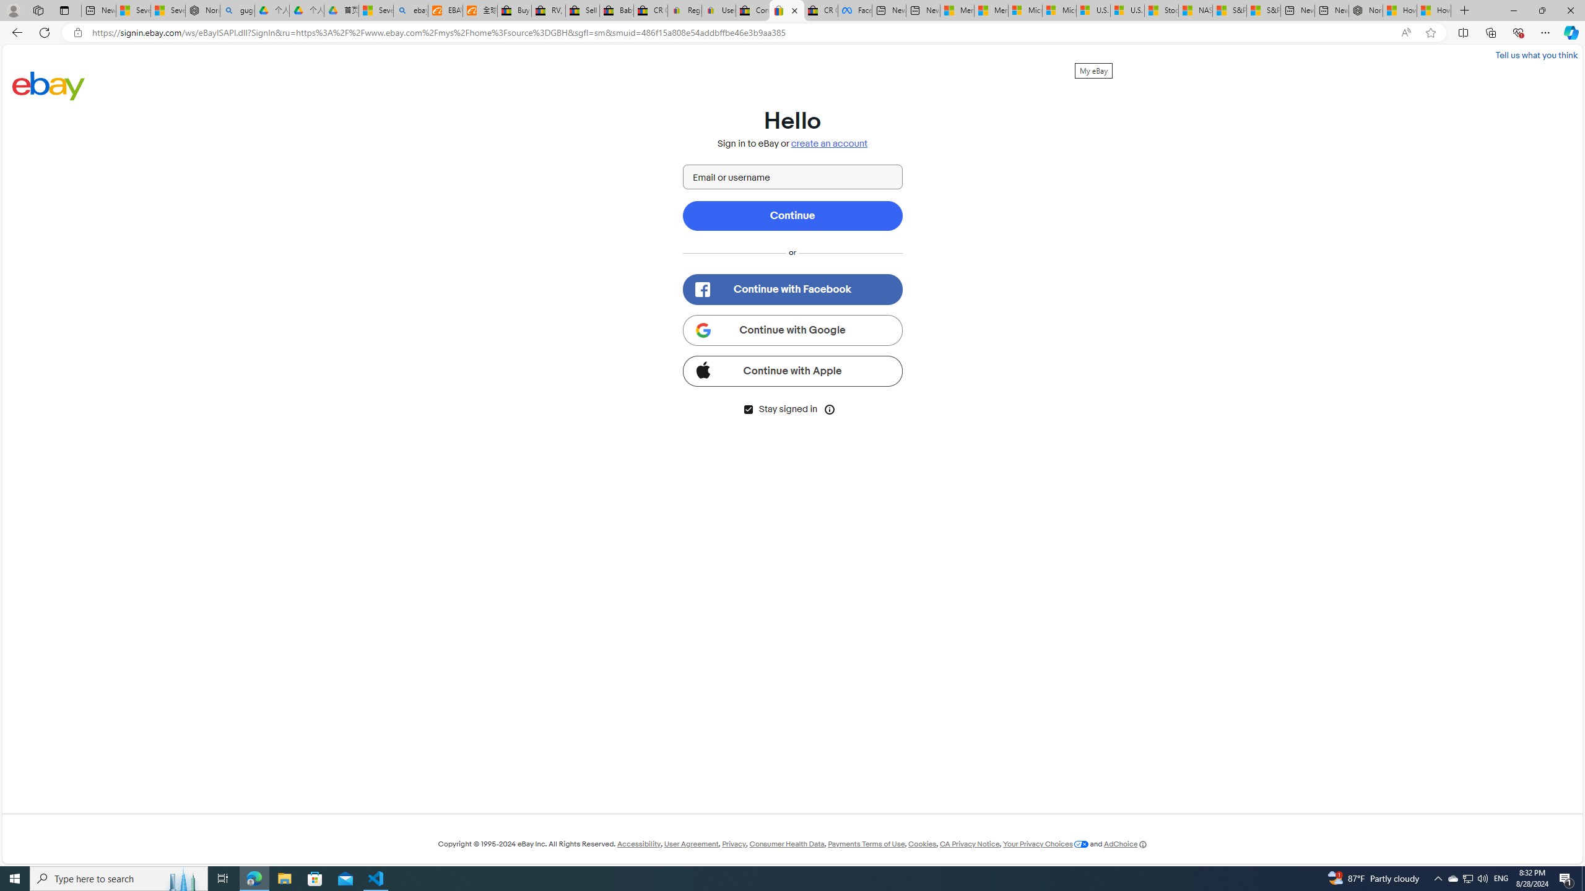 The height and width of the screenshot is (891, 1585). Describe the element at coordinates (830, 408) in the screenshot. I see `'Class: icon-btn tooltip__host icon-btn--transparent'` at that location.